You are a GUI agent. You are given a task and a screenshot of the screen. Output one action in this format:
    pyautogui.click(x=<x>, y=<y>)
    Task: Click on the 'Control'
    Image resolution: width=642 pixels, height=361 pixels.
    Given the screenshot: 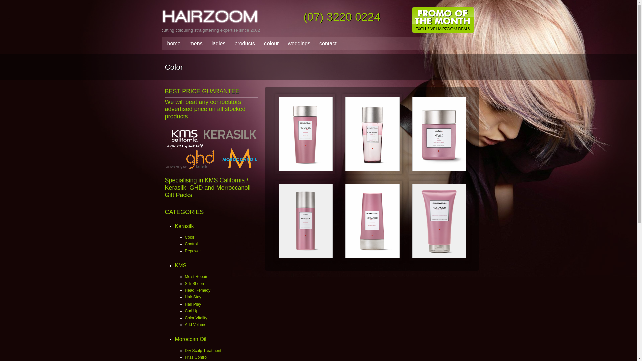 What is the action you would take?
    pyautogui.click(x=191, y=244)
    